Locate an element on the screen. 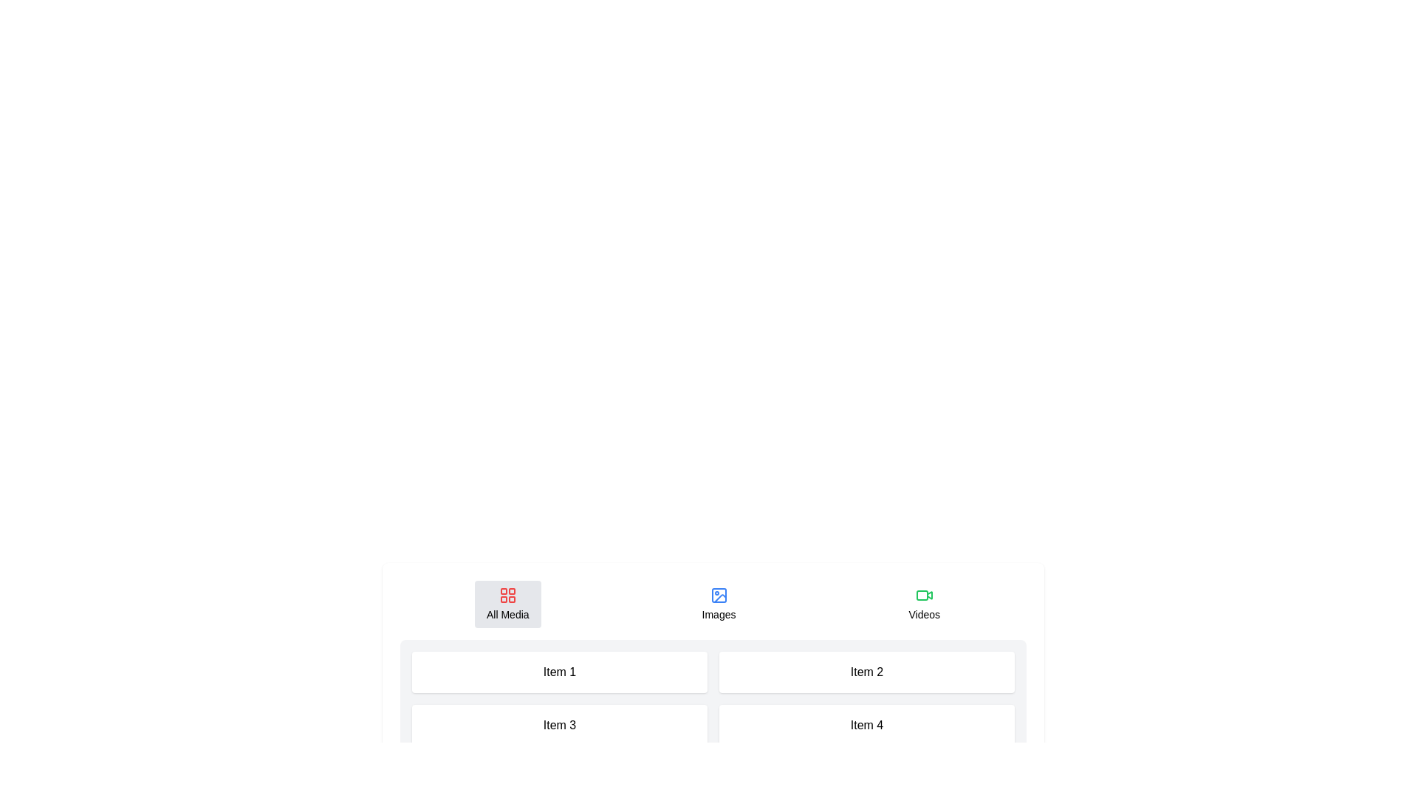 This screenshot has width=1418, height=798. the 'Videos' tab to switch to the videos view is located at coordinates (923, 604).